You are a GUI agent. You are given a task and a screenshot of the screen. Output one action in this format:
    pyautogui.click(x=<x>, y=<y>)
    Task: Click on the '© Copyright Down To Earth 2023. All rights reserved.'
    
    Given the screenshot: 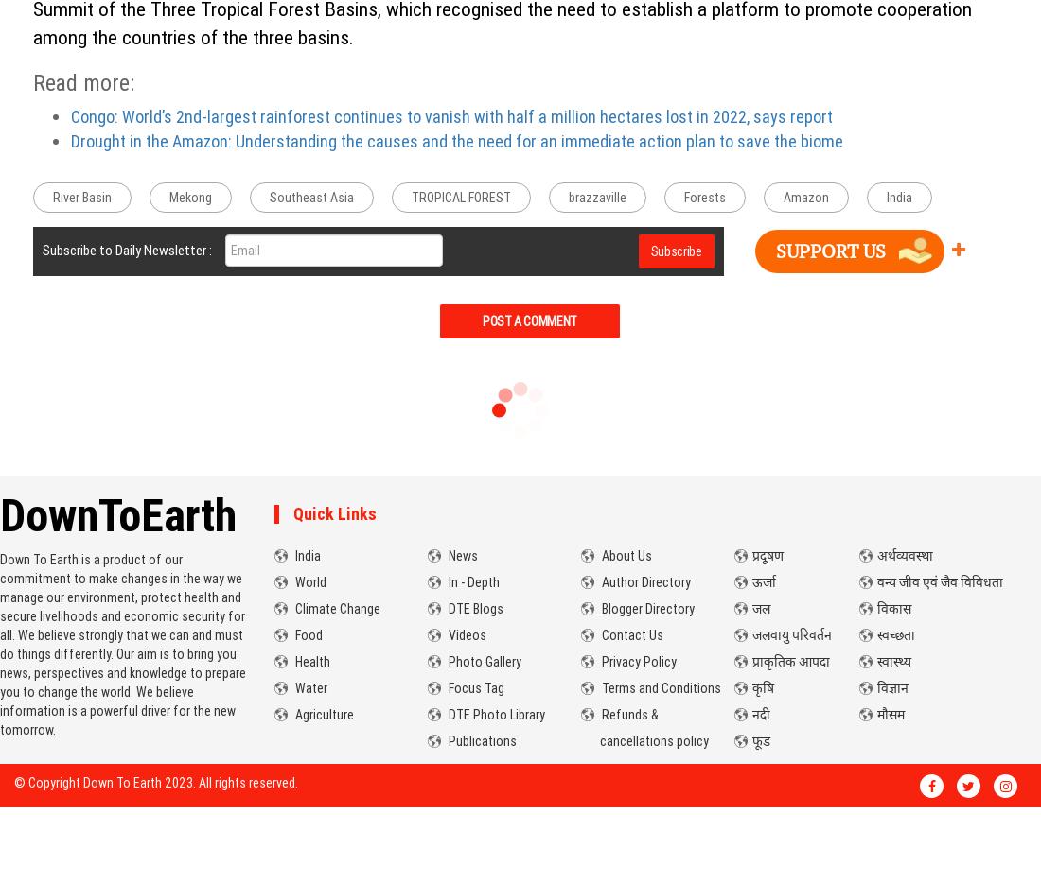 What is the action you would take?
    pyautogui.click(x=155, y=782)
    